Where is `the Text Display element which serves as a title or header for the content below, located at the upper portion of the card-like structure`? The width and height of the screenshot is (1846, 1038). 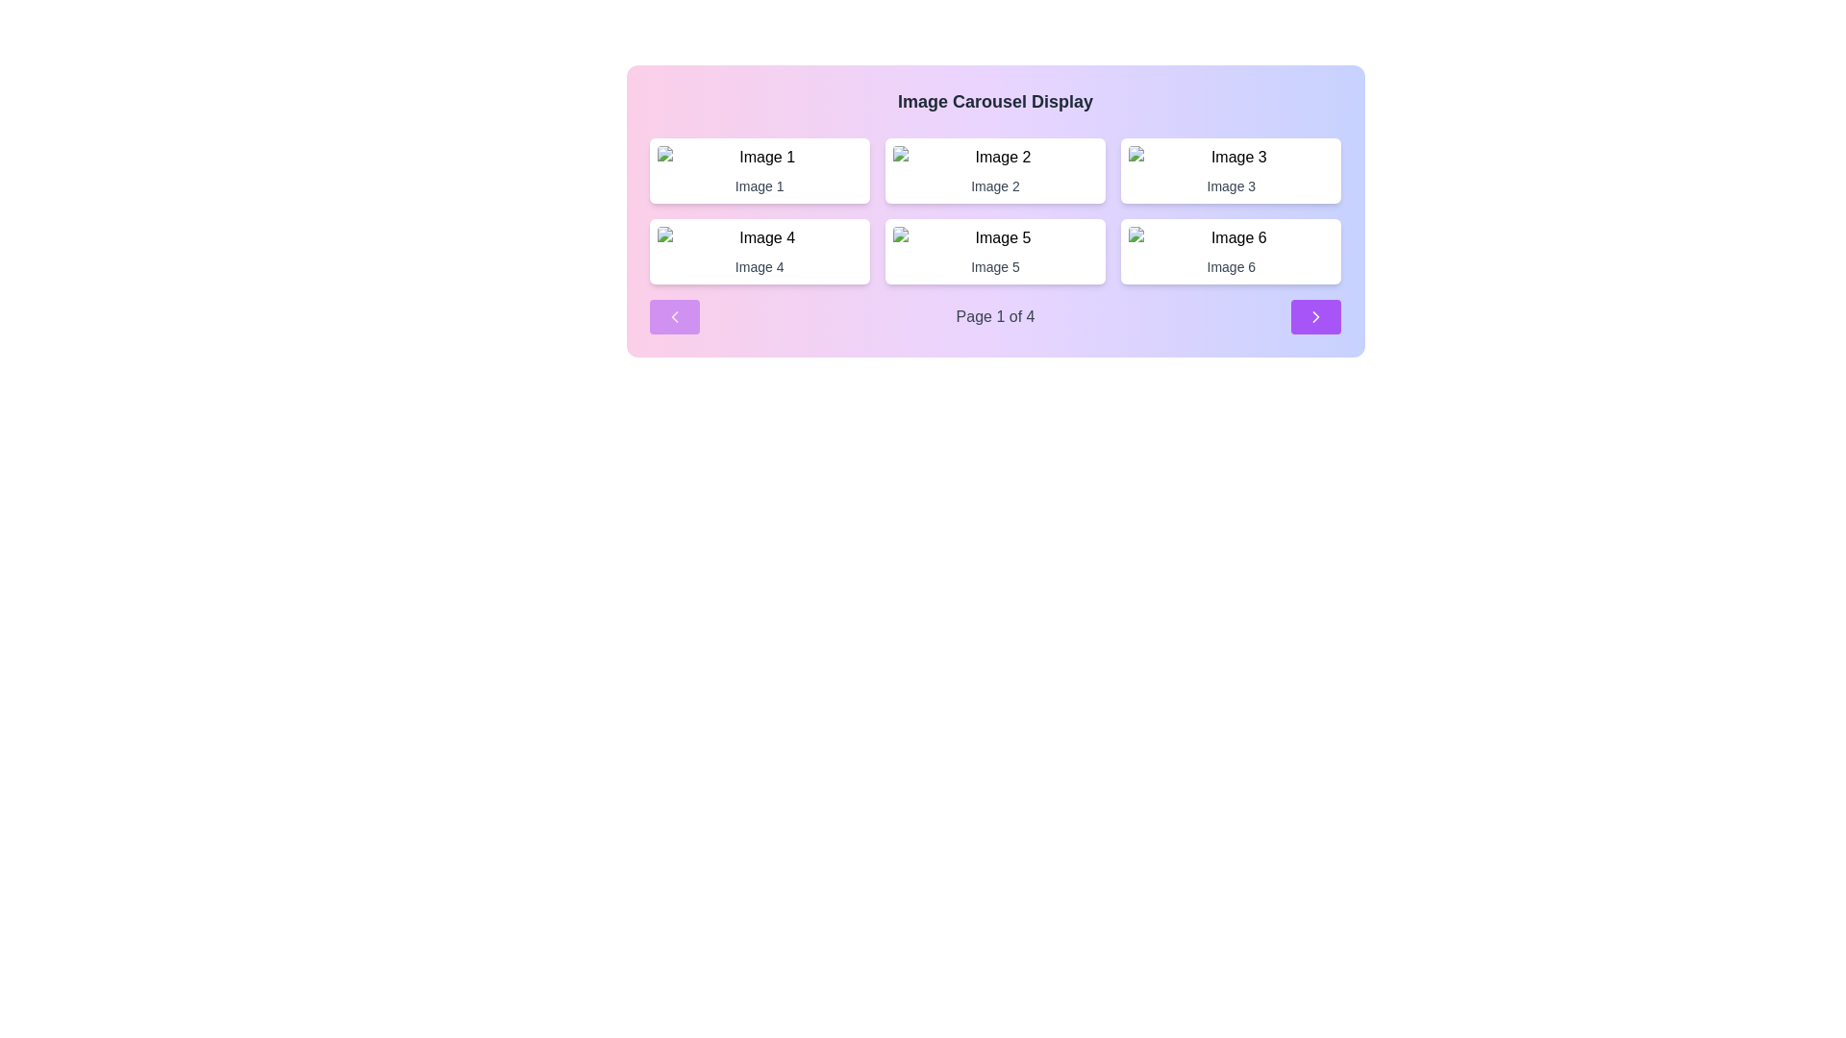 the Text Display element which serves as a title or header for the content below, located at the upper portion of the card-like structure is located at coordinates (995, 101).